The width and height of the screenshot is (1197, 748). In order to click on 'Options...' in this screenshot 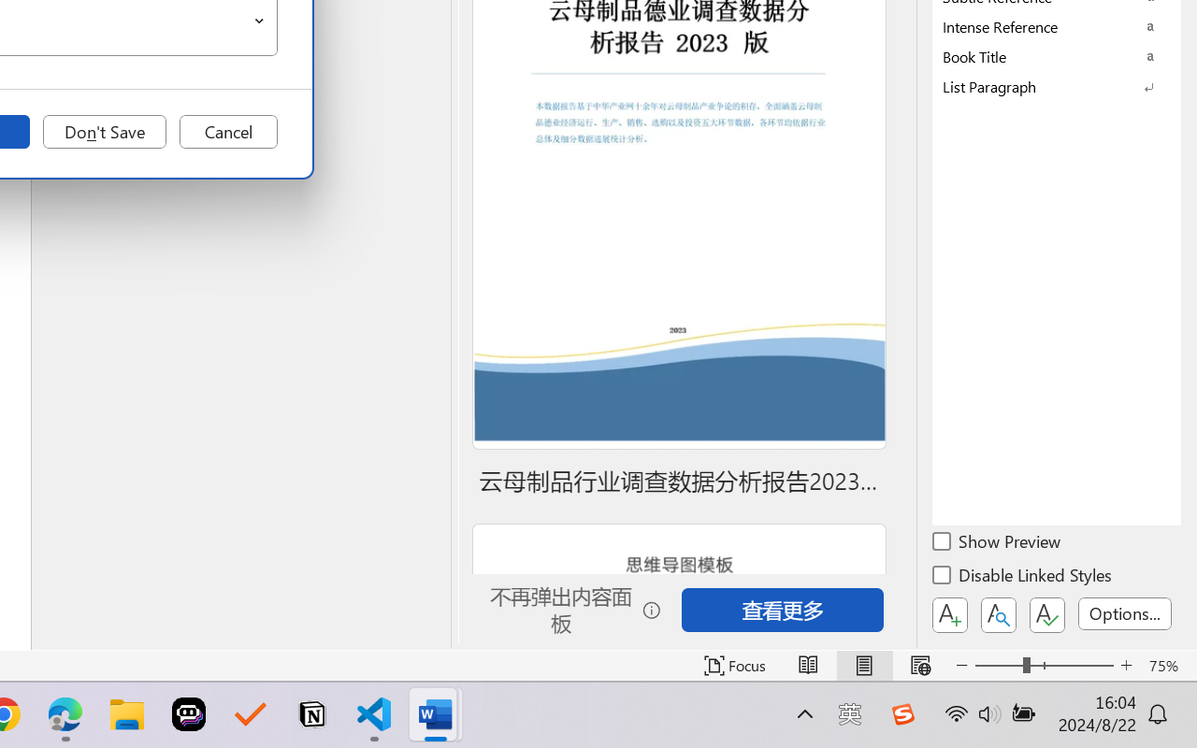, I will do `click(1124, 612)`.